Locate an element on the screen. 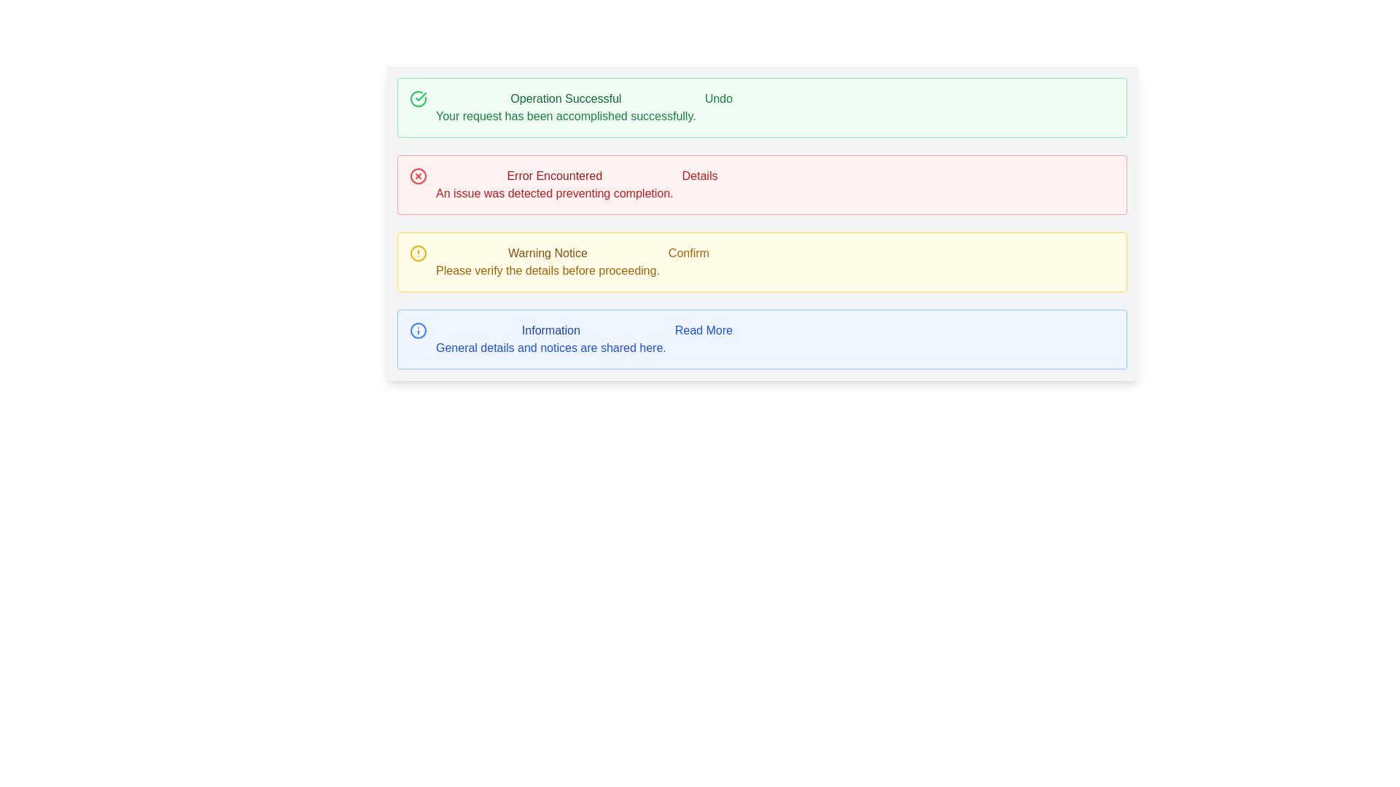 The image size is (1400, 787). the 'Information' text label, which is styled in blue and located in the fourth row of the interface, above the text 'General details and notices are shared here.' is located at coordinates (550, 331).